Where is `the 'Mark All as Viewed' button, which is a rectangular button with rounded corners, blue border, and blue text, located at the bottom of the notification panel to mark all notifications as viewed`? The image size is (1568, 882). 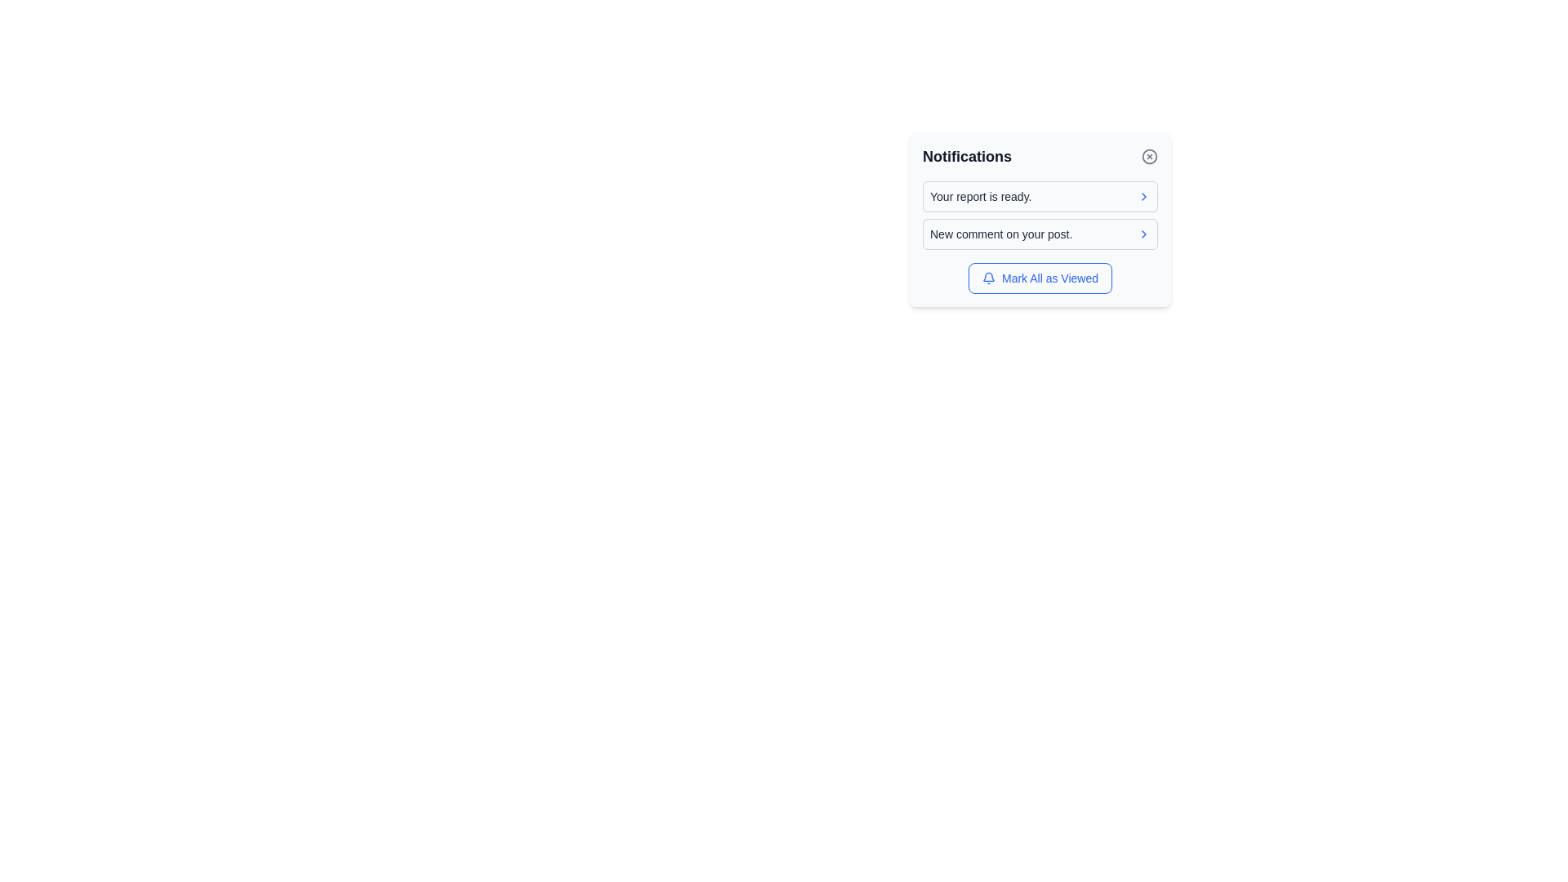
the 'Mark All as Viewed' button, which is a rectangular button with rounded corners, blue border, and blue text, located at the bottom of the notification panel to mark all notifications as viewed is located at coordinates (1039, 277).